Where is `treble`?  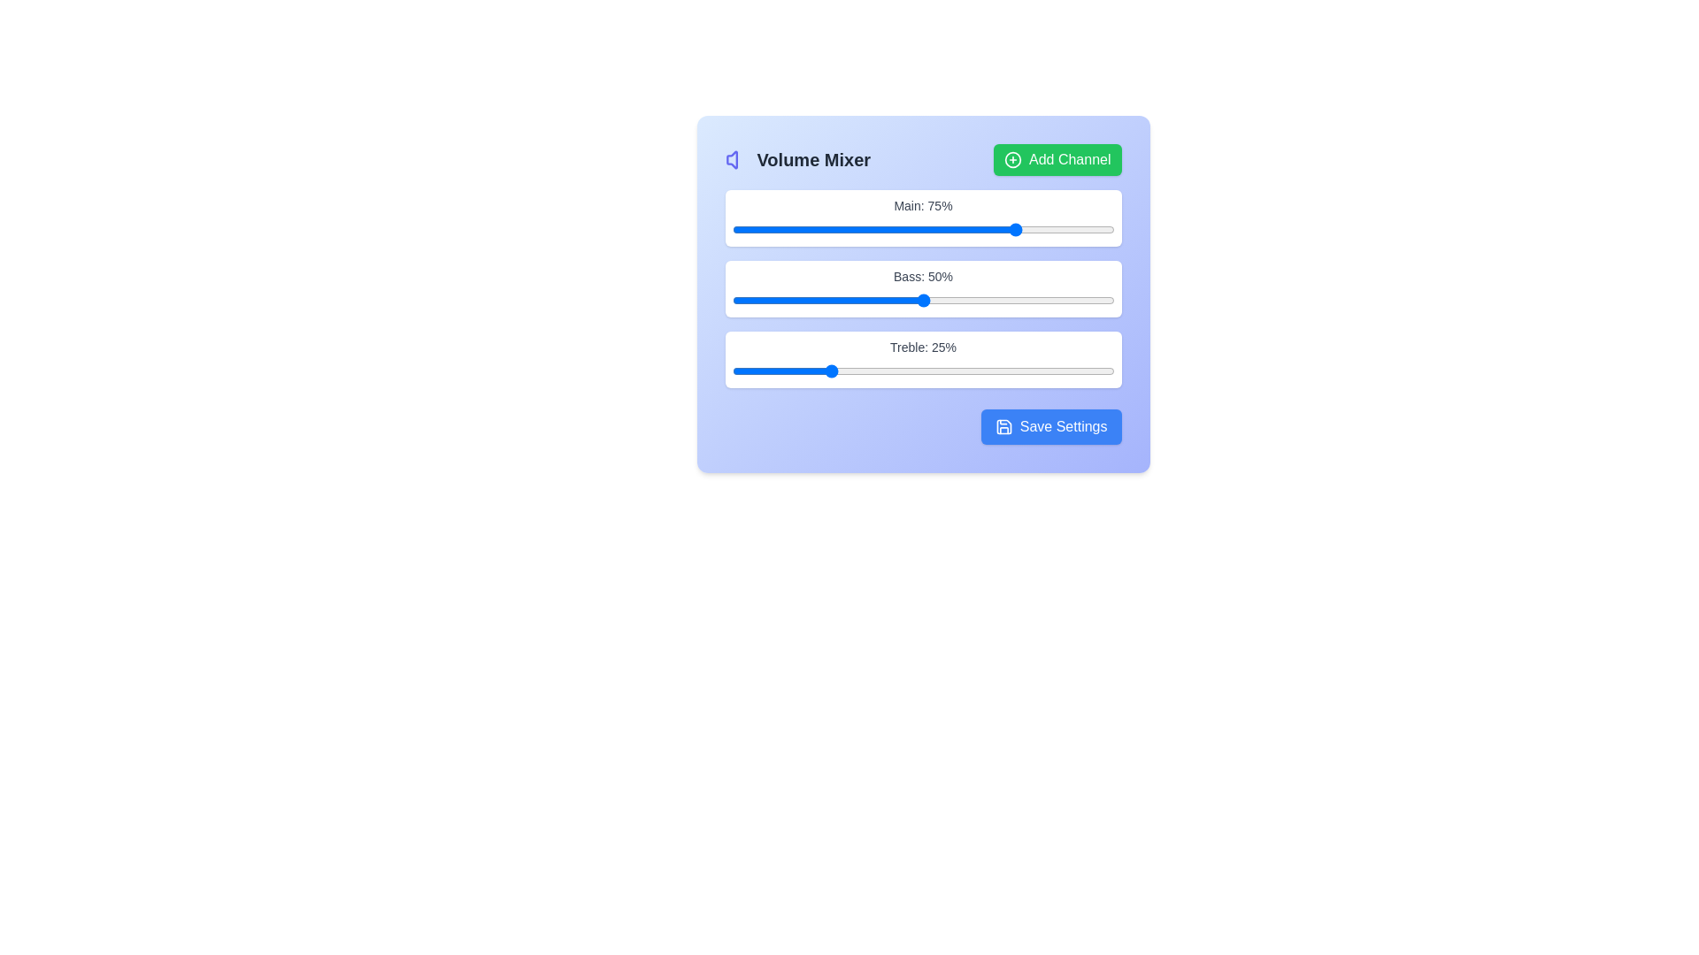 treble is located at coordinates (976, 371).